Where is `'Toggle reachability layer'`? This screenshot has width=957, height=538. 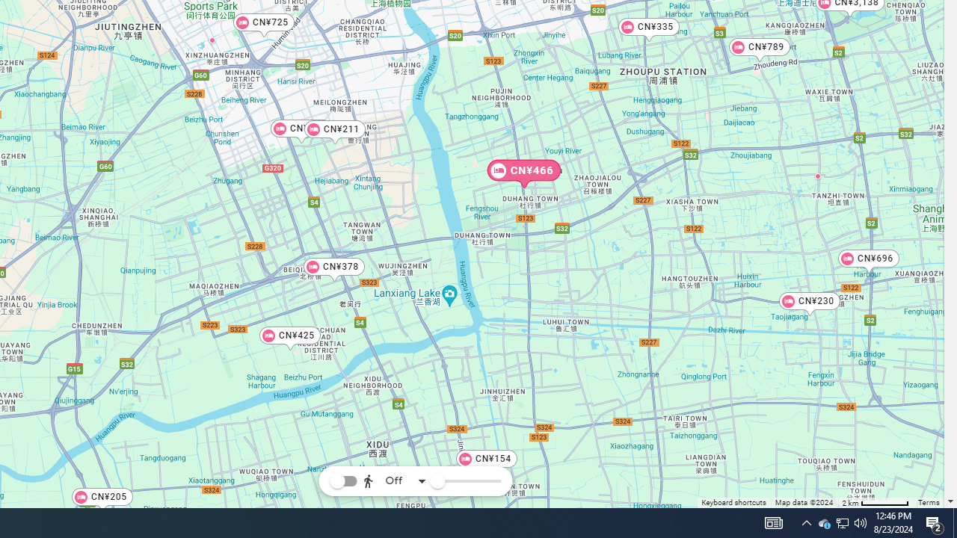 'Toggle reachability layer' is located at coordinates (342, 481).